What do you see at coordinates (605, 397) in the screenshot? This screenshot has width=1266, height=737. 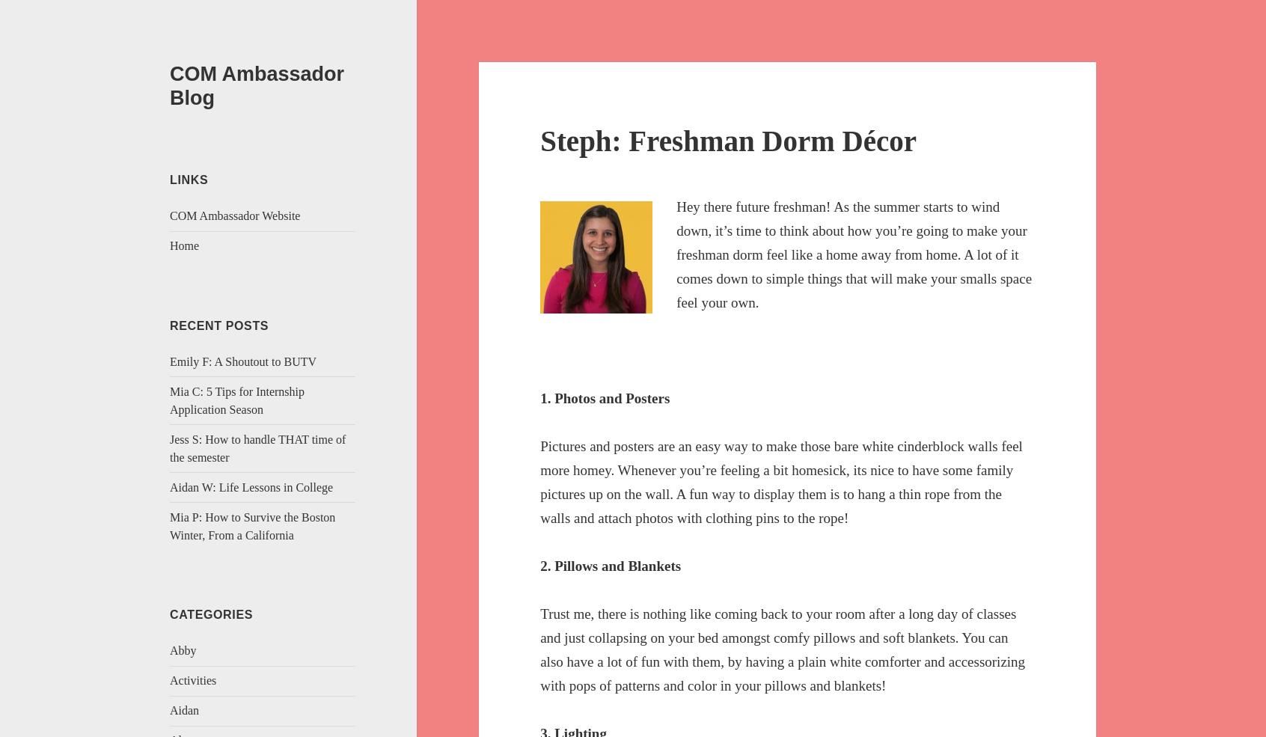 I see `'1. Photos and Posters'` at bounding box center [605, 397].